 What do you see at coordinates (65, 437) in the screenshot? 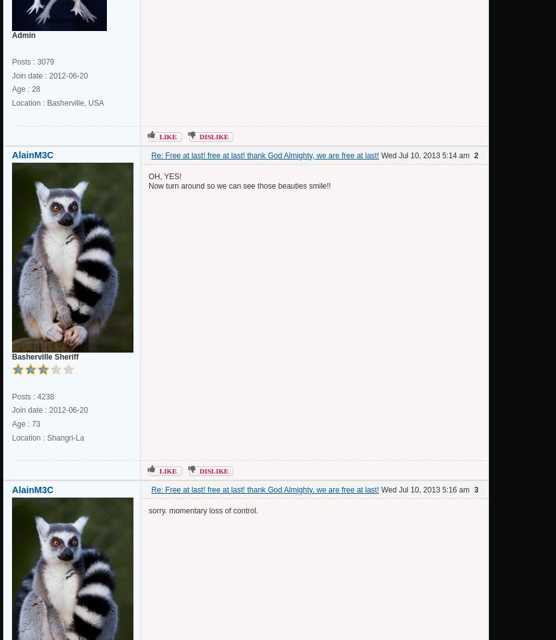
I see `'Shangri-La'` at bounding box center [65, 437].